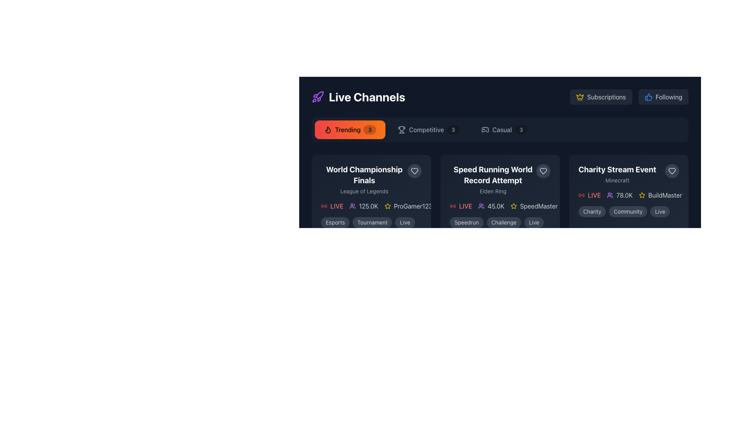 Image resolution: width=749 pixels, height=421 pixels. I want to click on the displayed text '3' on the circular button-like badge with a semi-transparent black background, located to the right of the 'Casual' label, so click(521, 129).